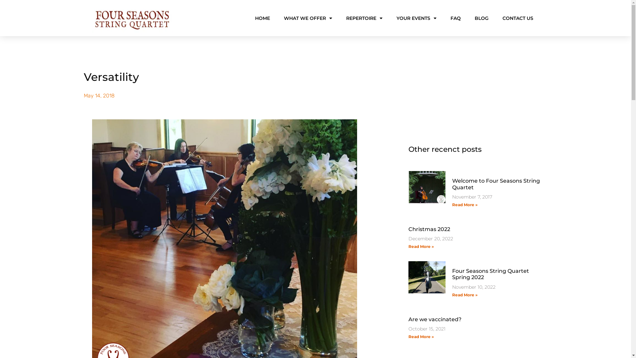  Describe the element at coordinates (416, 18) in the screenshot. I see `'YOUR EVENTS'` at that location.